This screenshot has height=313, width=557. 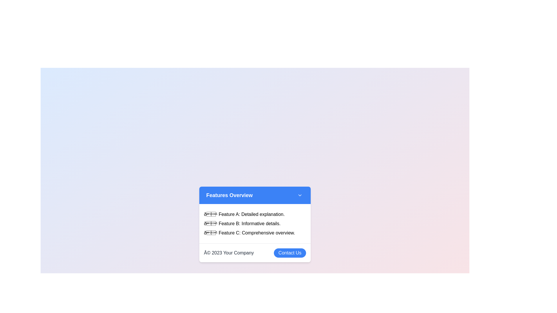 I want to click on a component line from the Text list located within the 'Features Overview' dropdown in the pop-up section, so click(x=255, y=223).